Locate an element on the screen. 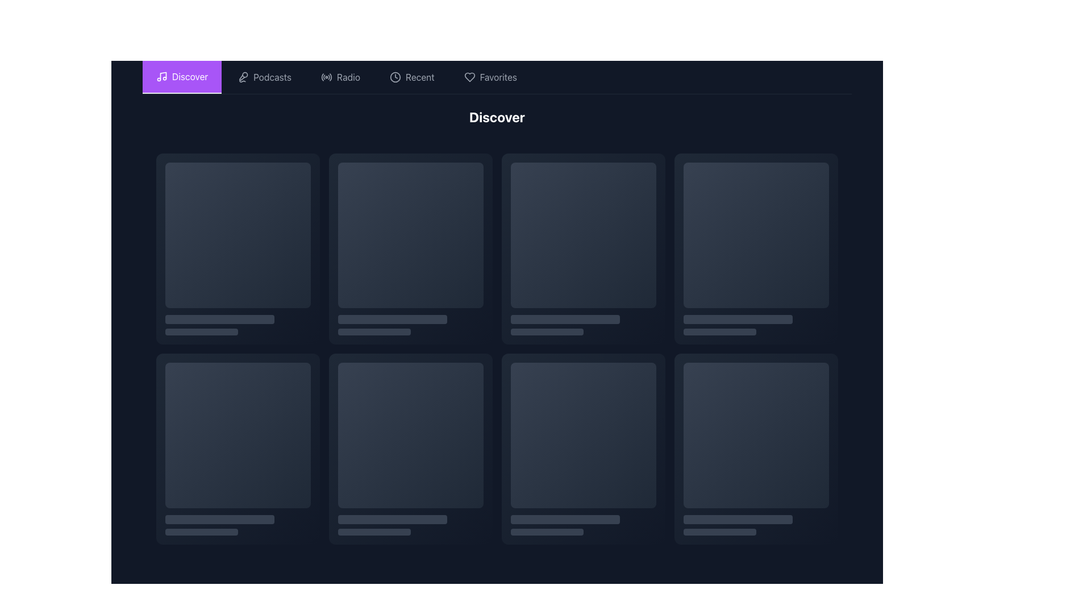 The image size is (1091, 614). the clock icon representing the 'Recent' navigation menu item, which is positioned between the text label 'Recent' and the navigation items to its left is located at coordinates (395, 77).